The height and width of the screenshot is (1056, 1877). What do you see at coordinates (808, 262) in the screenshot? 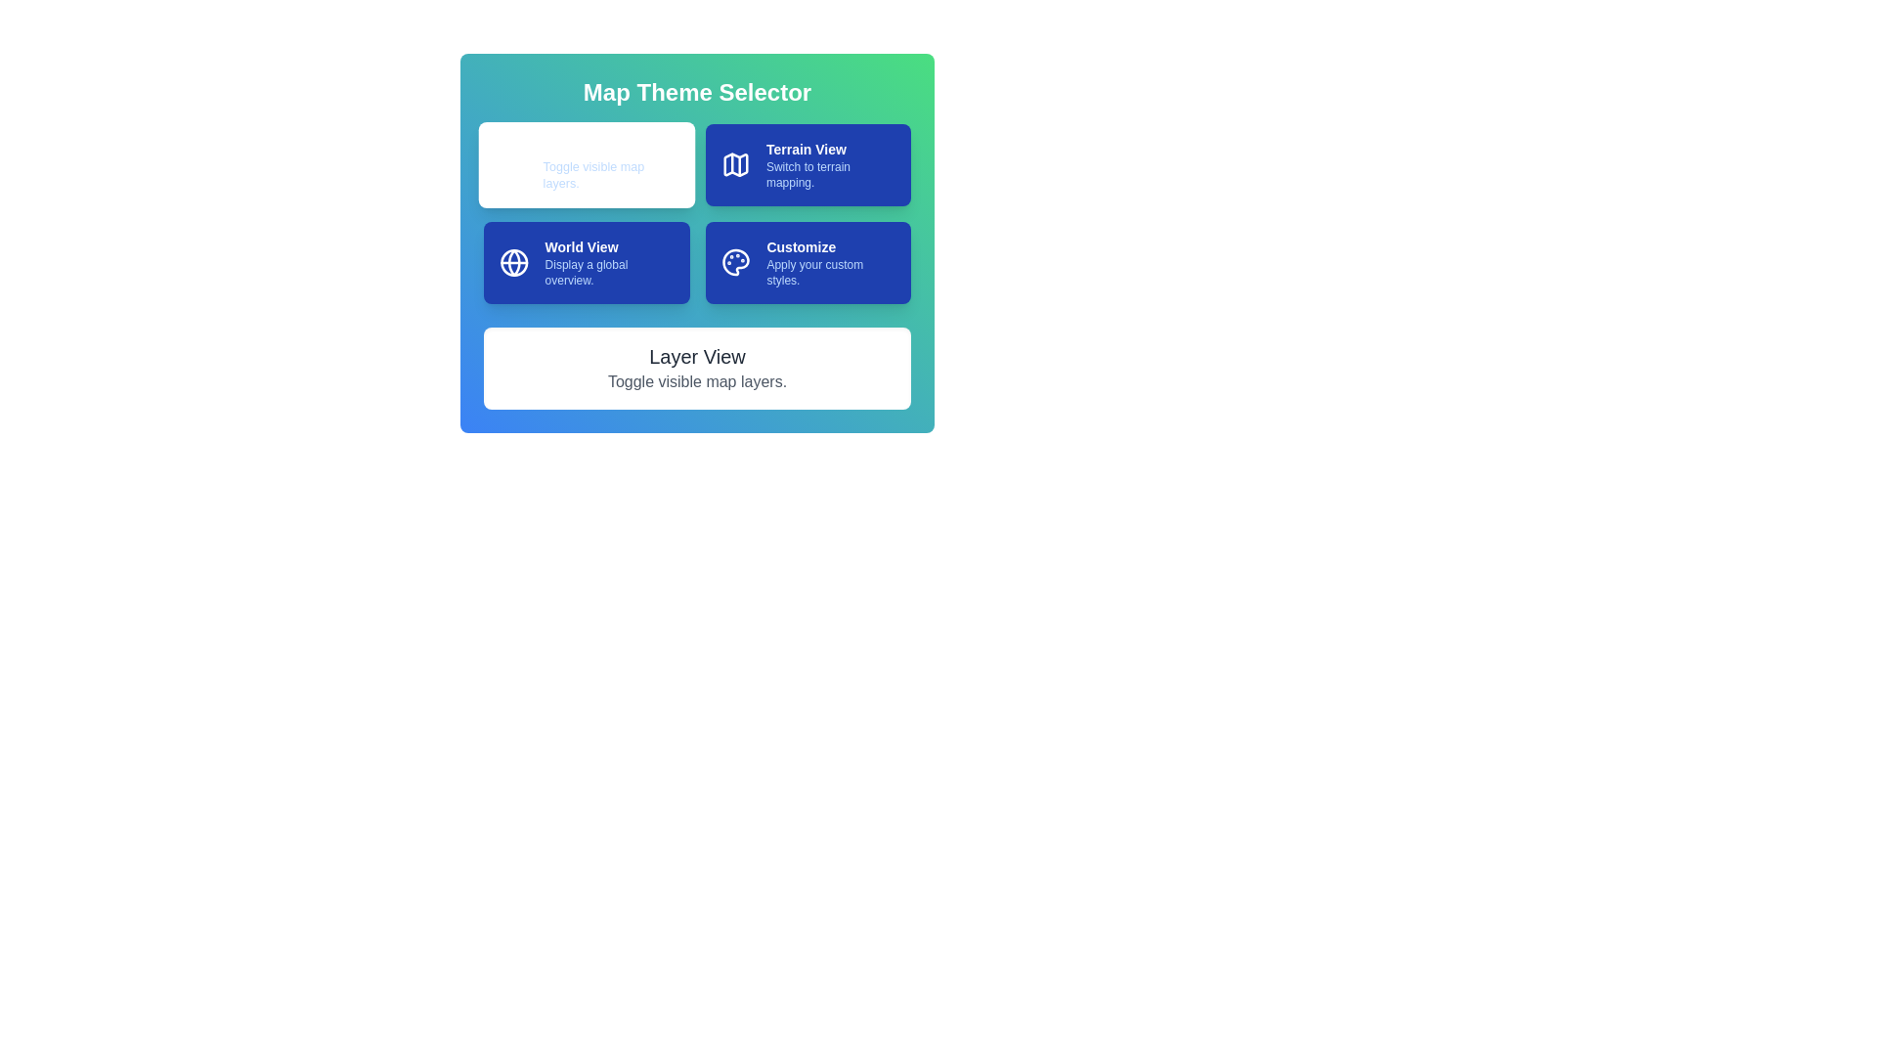
I see `the 'Customize' button with a blue background and a paint palette icon in the 'Map Theme Selector' interface` at bounding box center [808, 262].